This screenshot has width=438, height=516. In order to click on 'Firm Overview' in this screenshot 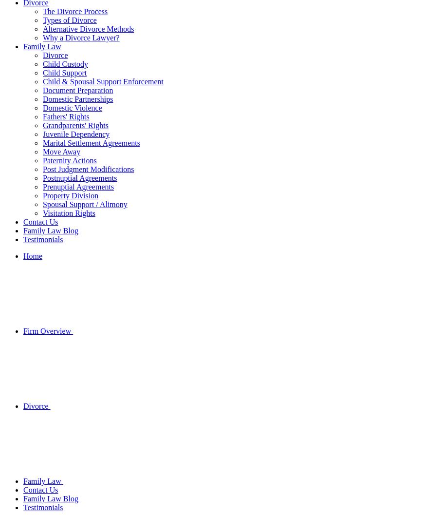, I will do `click(48, 331)`.